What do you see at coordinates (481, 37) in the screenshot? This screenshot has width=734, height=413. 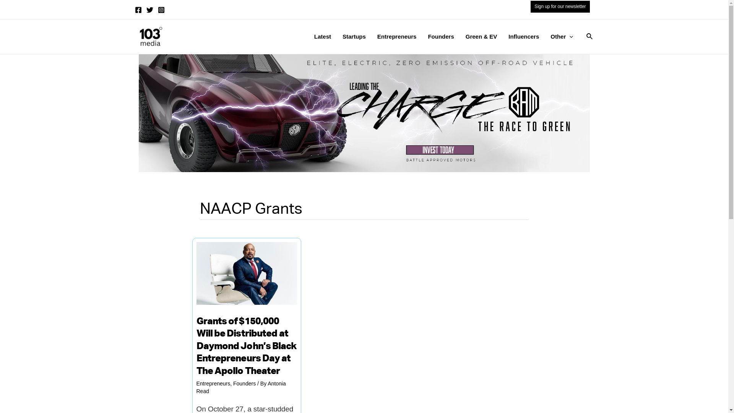 I see `'Green & EV'` at bounding box center [481, 37].